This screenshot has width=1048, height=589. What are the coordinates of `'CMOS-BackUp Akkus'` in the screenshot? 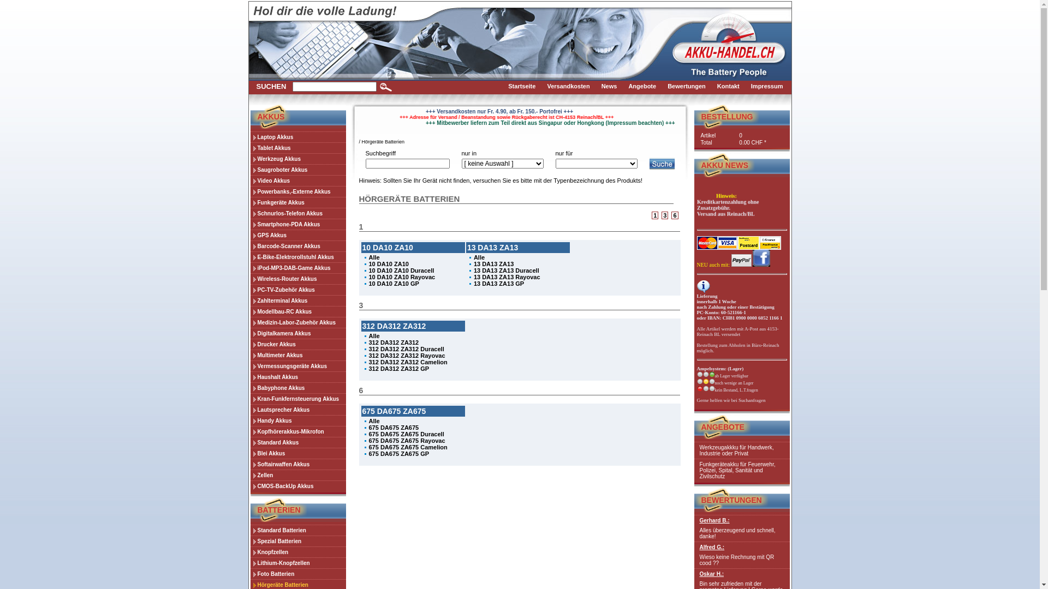 It's located at (297, 485).